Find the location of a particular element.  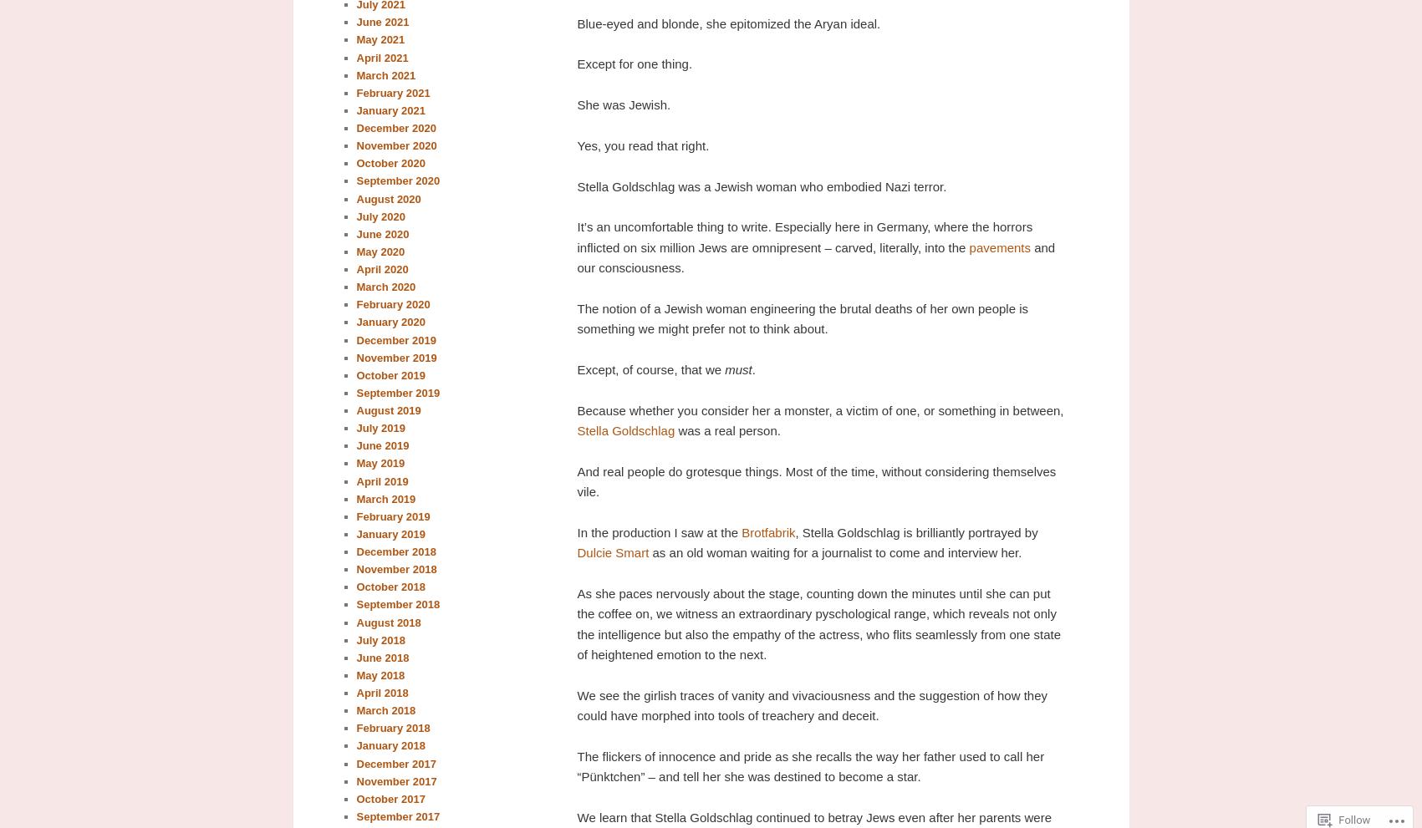

'Stella Goldschlag was a Jewish woman who embodied Nazi terror.' is located at coordinates (575, 185).